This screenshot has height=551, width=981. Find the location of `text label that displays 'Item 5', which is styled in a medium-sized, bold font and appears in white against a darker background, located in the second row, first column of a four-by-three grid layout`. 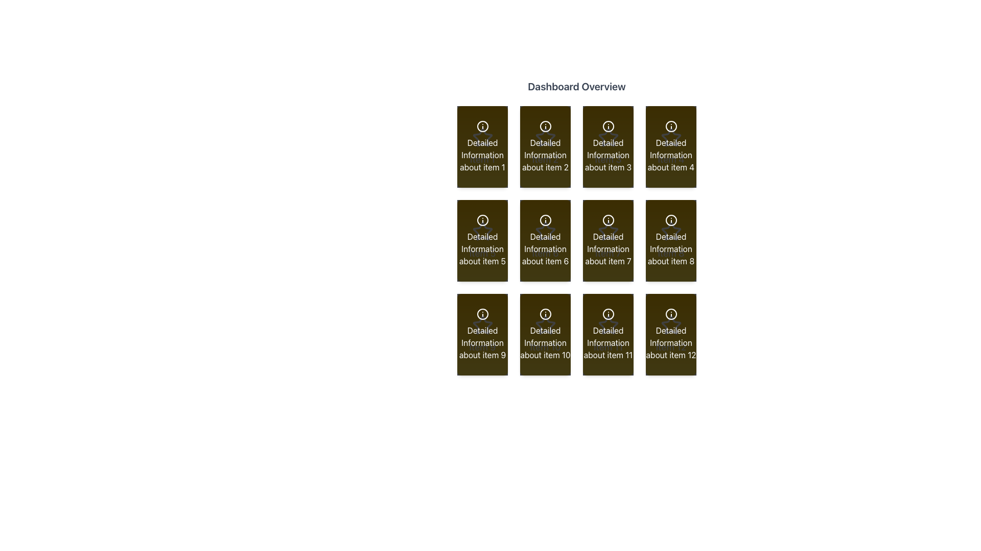

text label that displays 'Item 5', which is styled in a medium-sized, bold font and appears in white against a darker background, located in the second row, first column of a four-by-three grid layout is located at coordinates (482, 253).